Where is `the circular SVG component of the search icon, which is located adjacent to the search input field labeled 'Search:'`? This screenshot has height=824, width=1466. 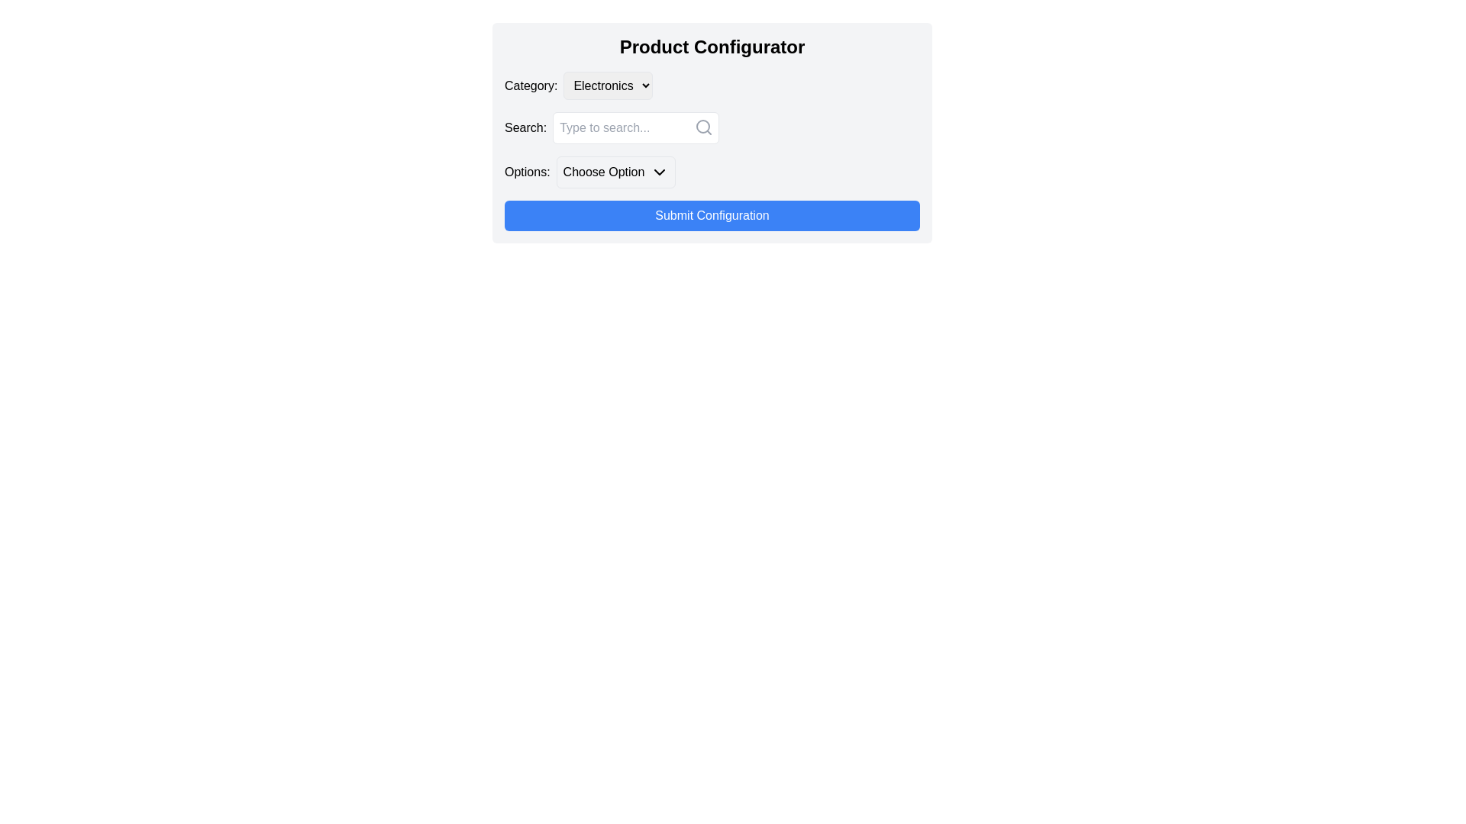
the circular SVG component of the search icon, which is located adjacent to the search input field labeled 'Search:' is located at coordinates (702, 125).